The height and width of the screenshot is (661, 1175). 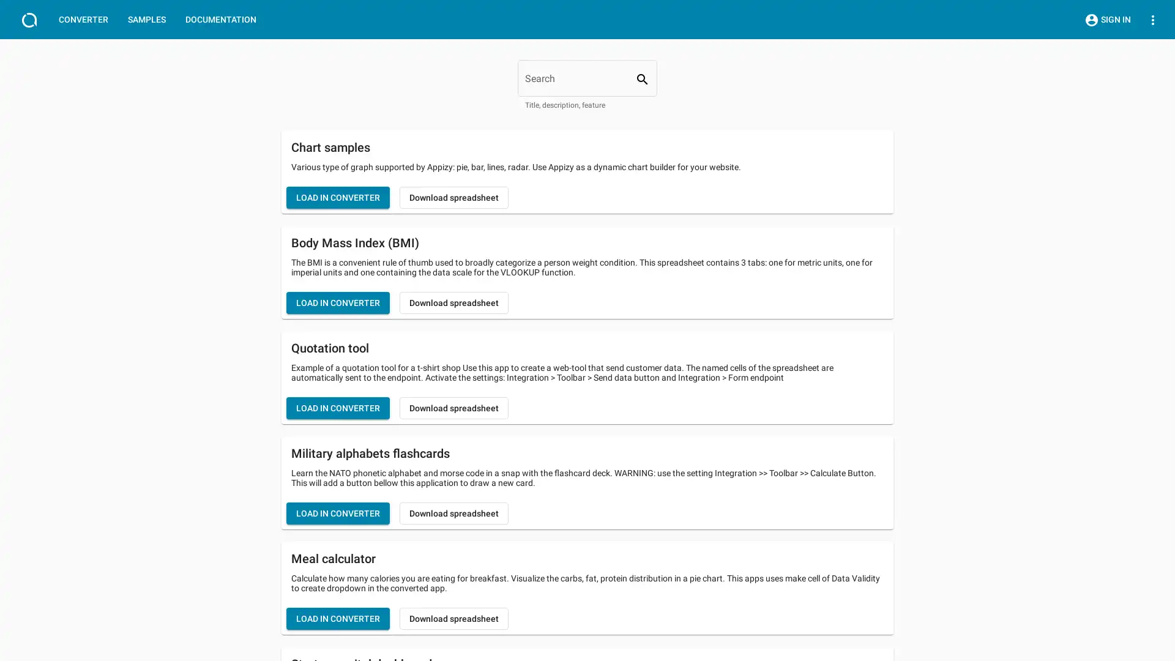 I want to click on Download spreadsheet, so click(x=453, y=302).